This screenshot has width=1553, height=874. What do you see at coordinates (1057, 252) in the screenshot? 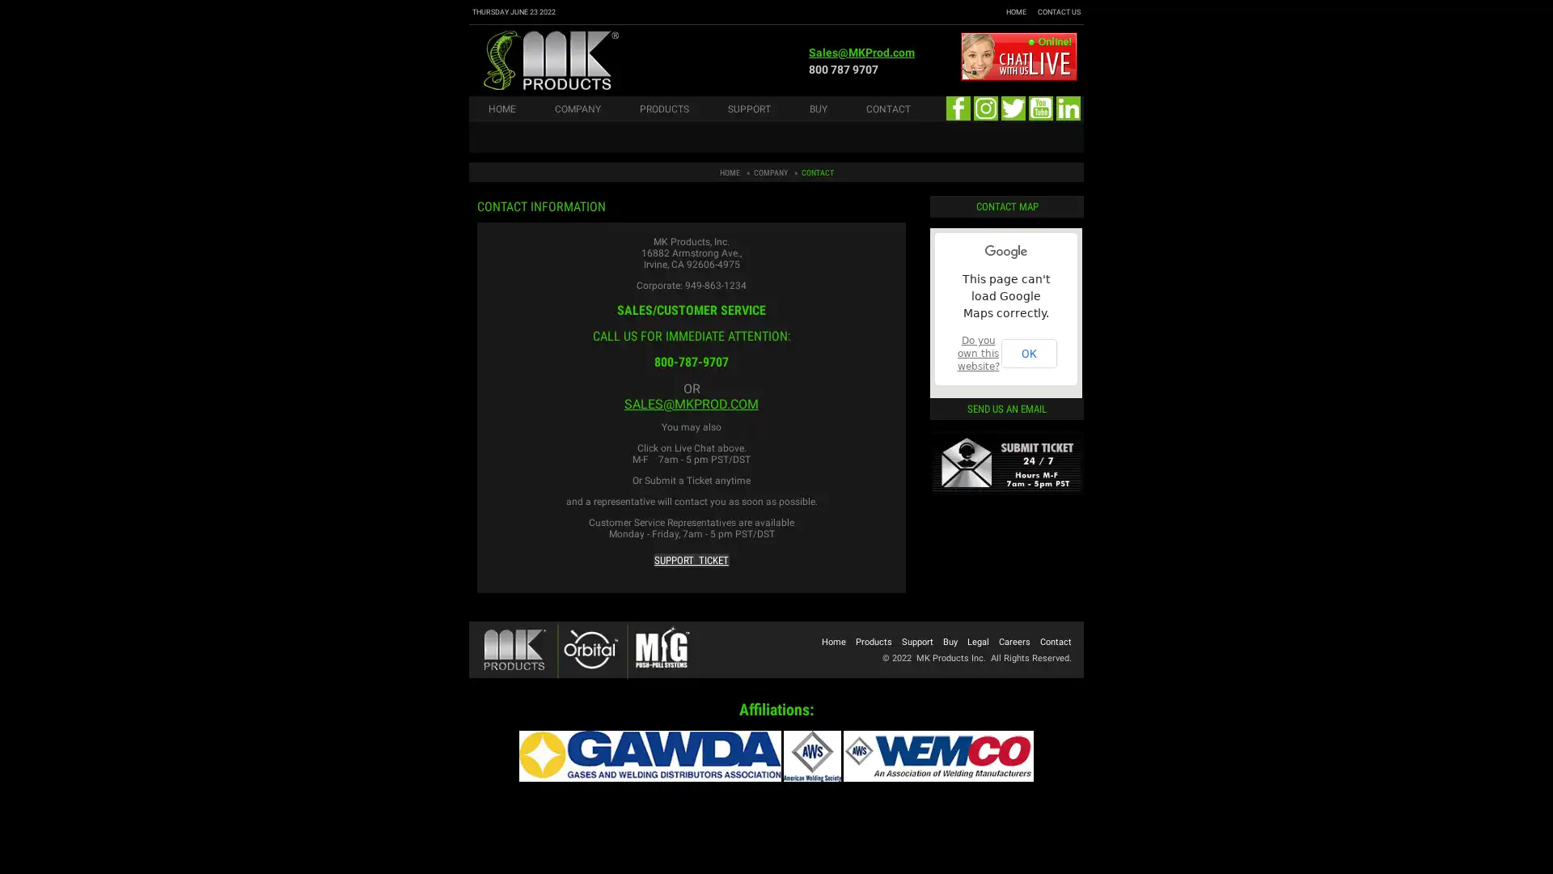
I see `Toggle fullscreen view` at bounding box center [1057, 252].